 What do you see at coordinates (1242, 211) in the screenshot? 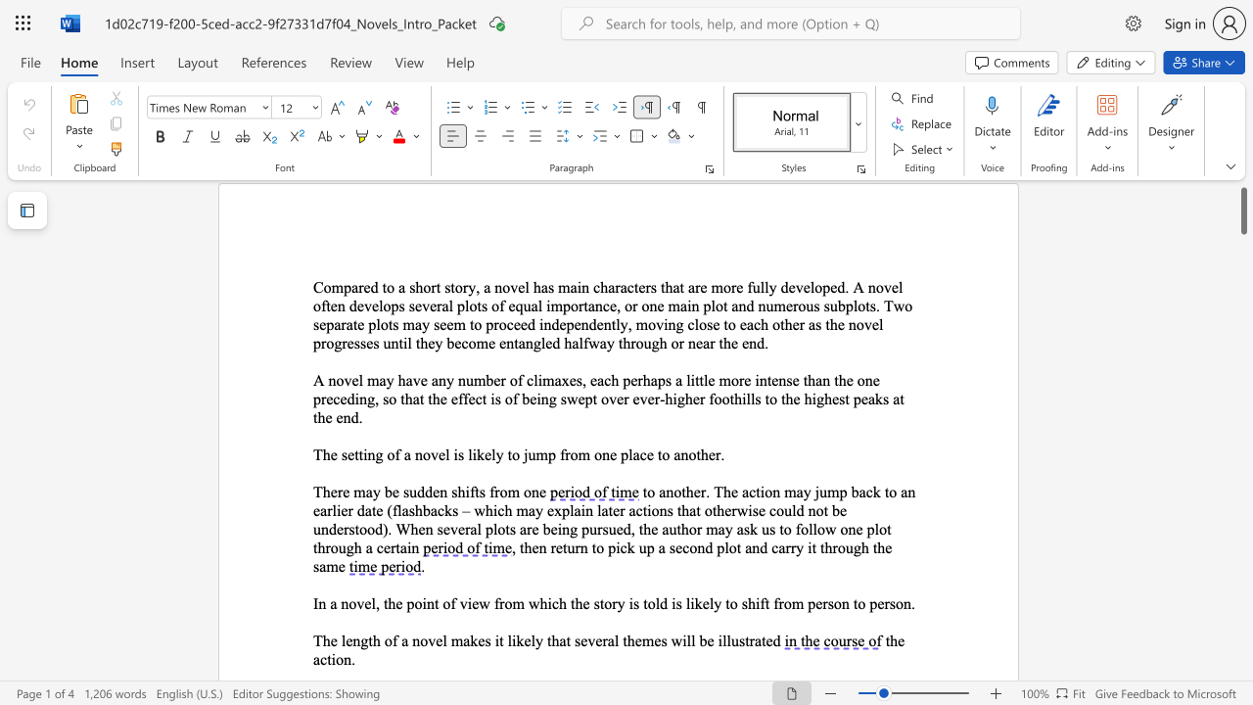
I see `the scrollbar and move down 3310 pixels` at bounding box center [1242, 211].